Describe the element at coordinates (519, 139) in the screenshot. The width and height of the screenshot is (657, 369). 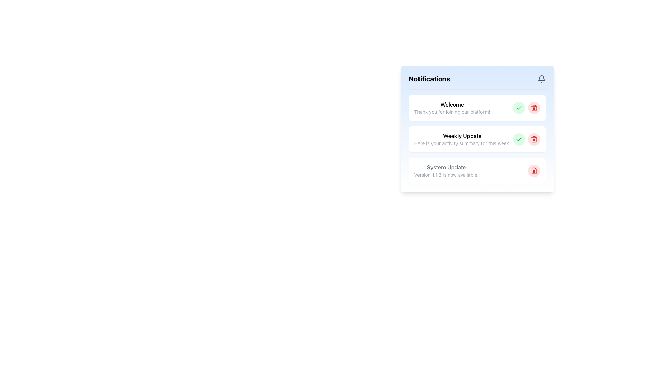
I see `the green checkmark icon in the first notification entry` at that location.